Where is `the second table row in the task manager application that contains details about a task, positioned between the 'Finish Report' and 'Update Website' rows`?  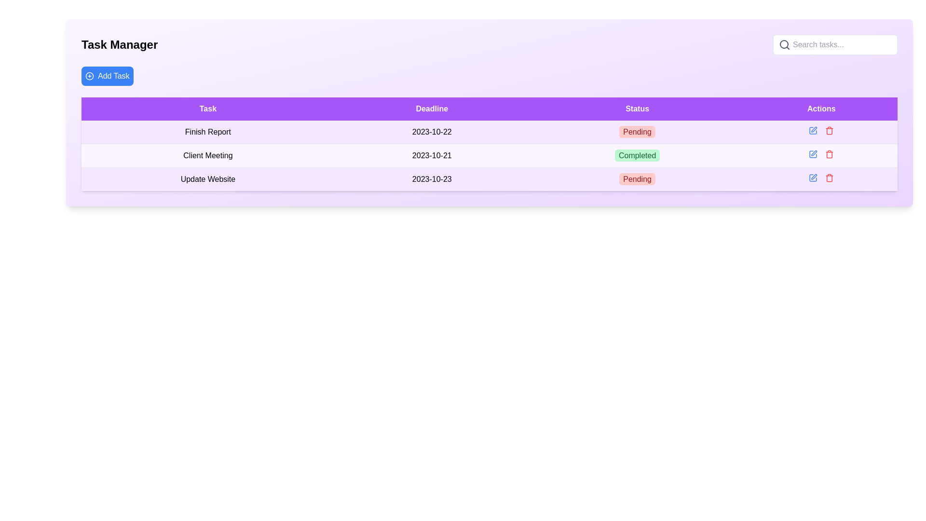
the second table row in the task manager application that contains details about a task, positioned between the 'Finish Report' and 'Update Website' rows is located at coordinates (489, 155).